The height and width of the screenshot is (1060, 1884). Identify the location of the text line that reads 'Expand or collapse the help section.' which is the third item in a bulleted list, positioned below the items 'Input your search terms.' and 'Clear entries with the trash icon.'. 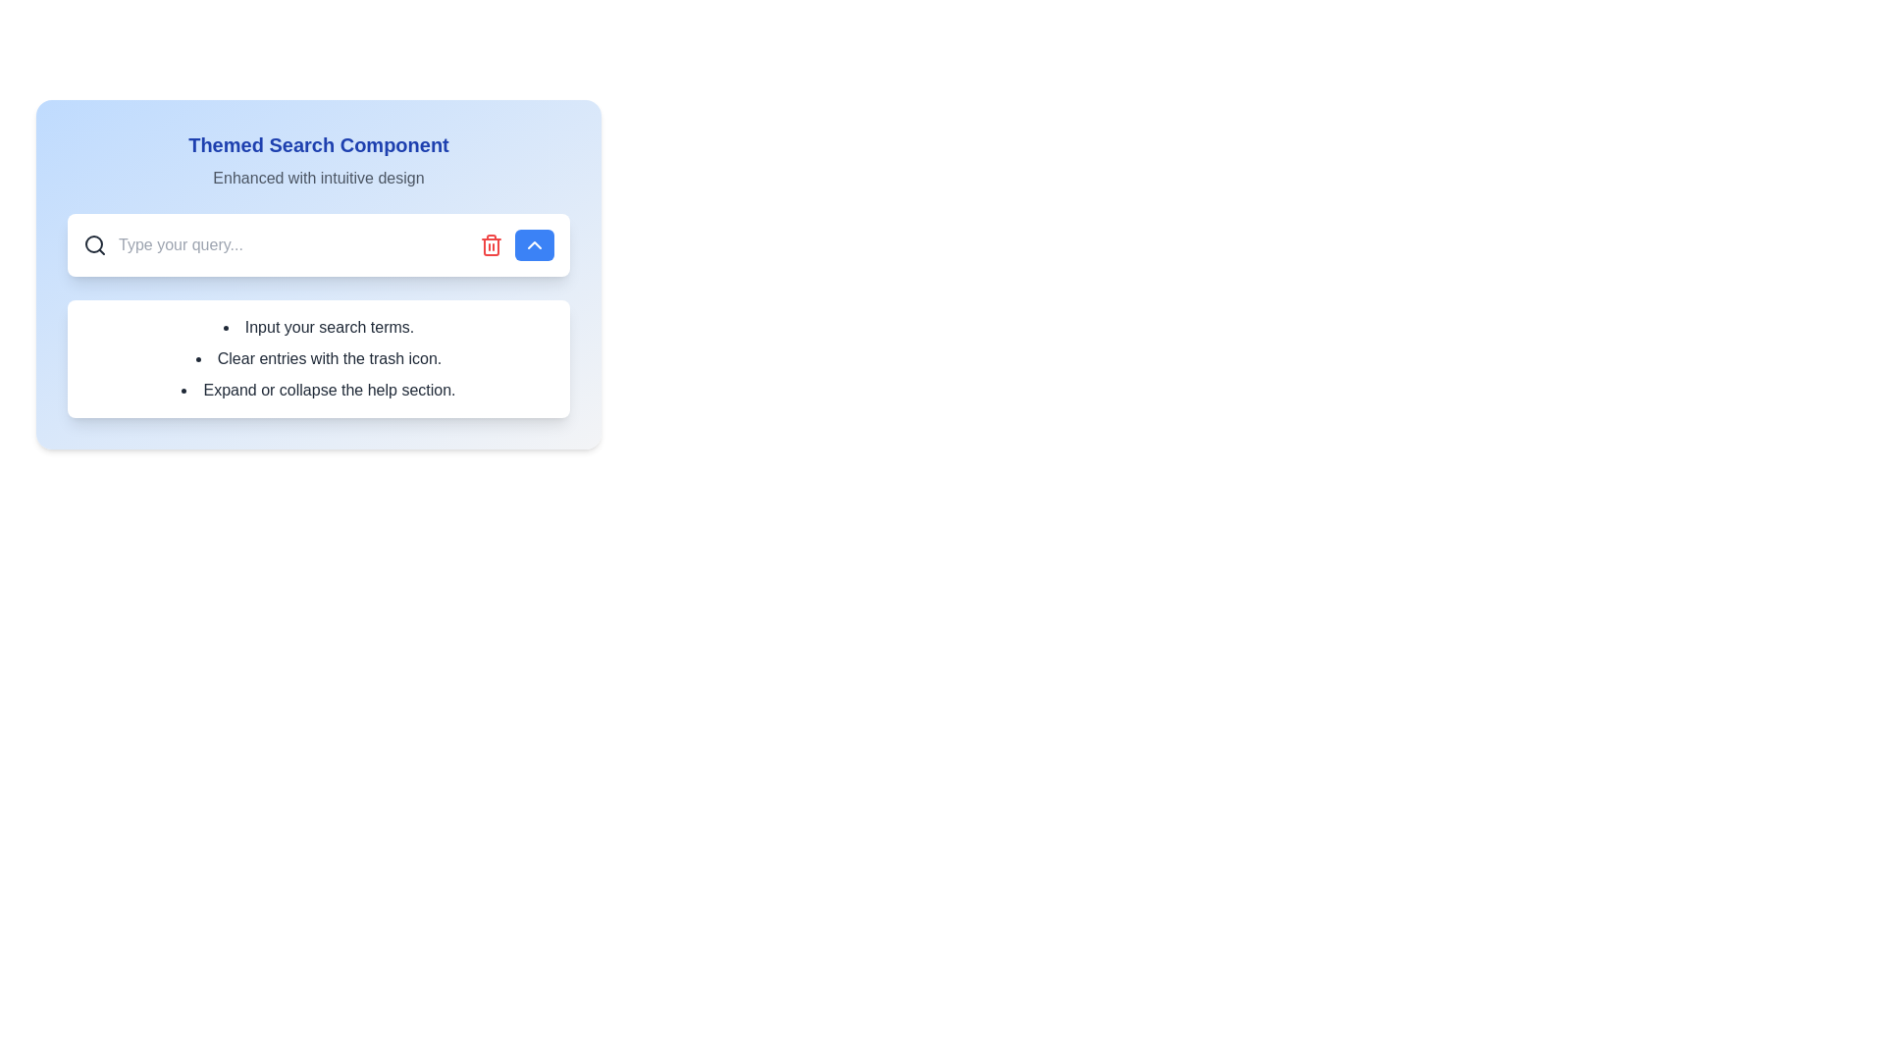
(319, 390).